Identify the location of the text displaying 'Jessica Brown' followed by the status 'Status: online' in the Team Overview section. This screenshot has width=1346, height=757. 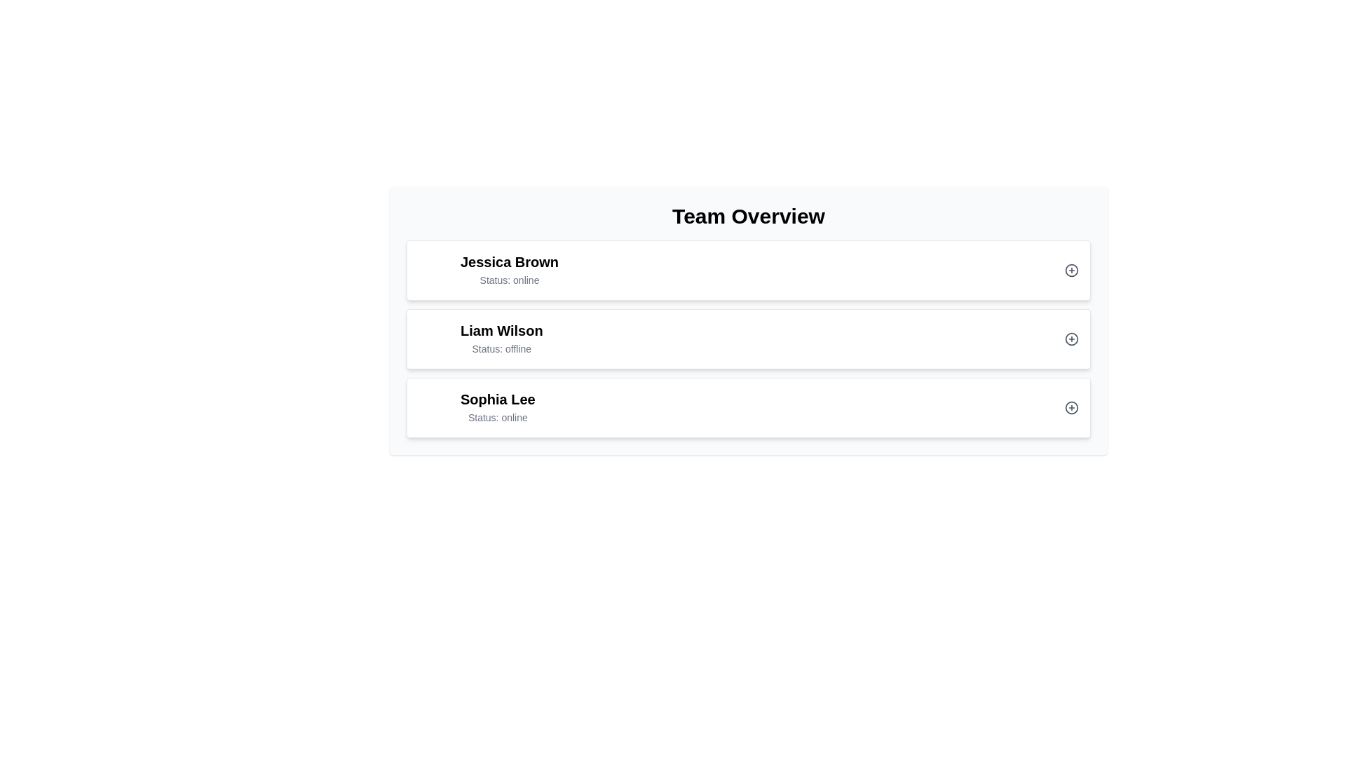
(488, 270).